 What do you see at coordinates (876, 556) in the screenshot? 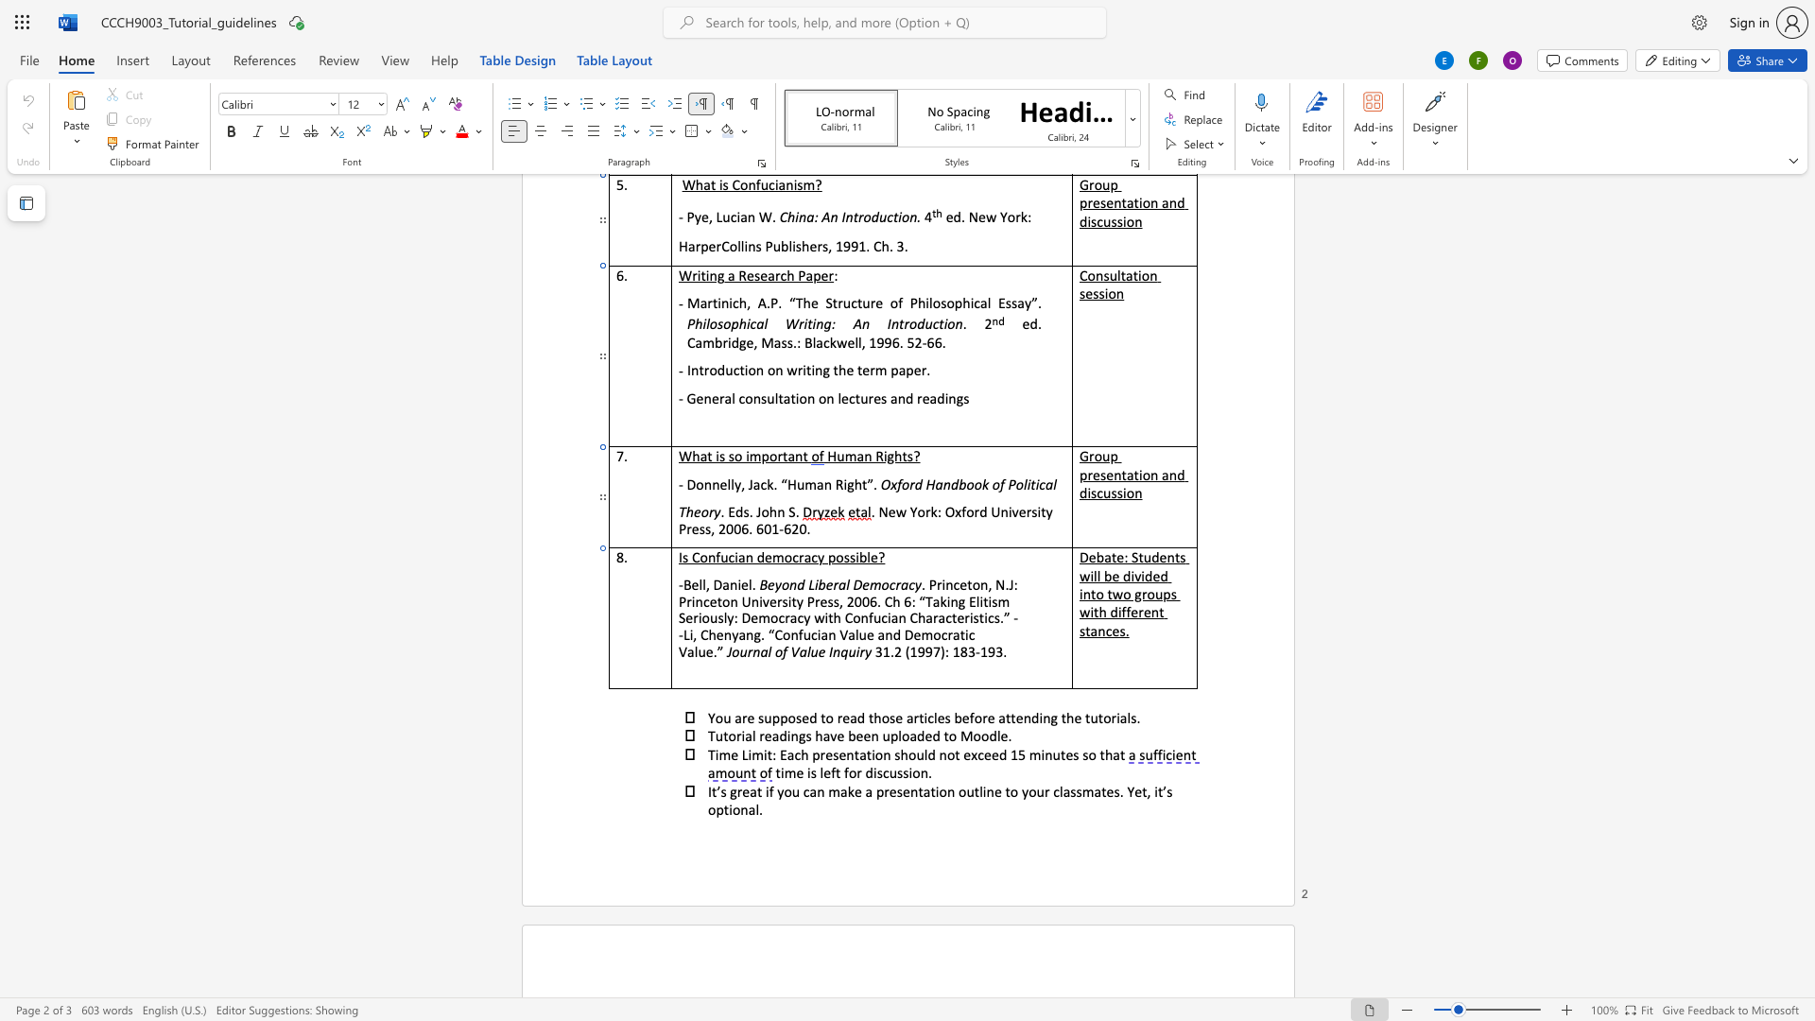
I see `the space between the continuous character "e" and "?" in the text` at bounding box center [876, 556].